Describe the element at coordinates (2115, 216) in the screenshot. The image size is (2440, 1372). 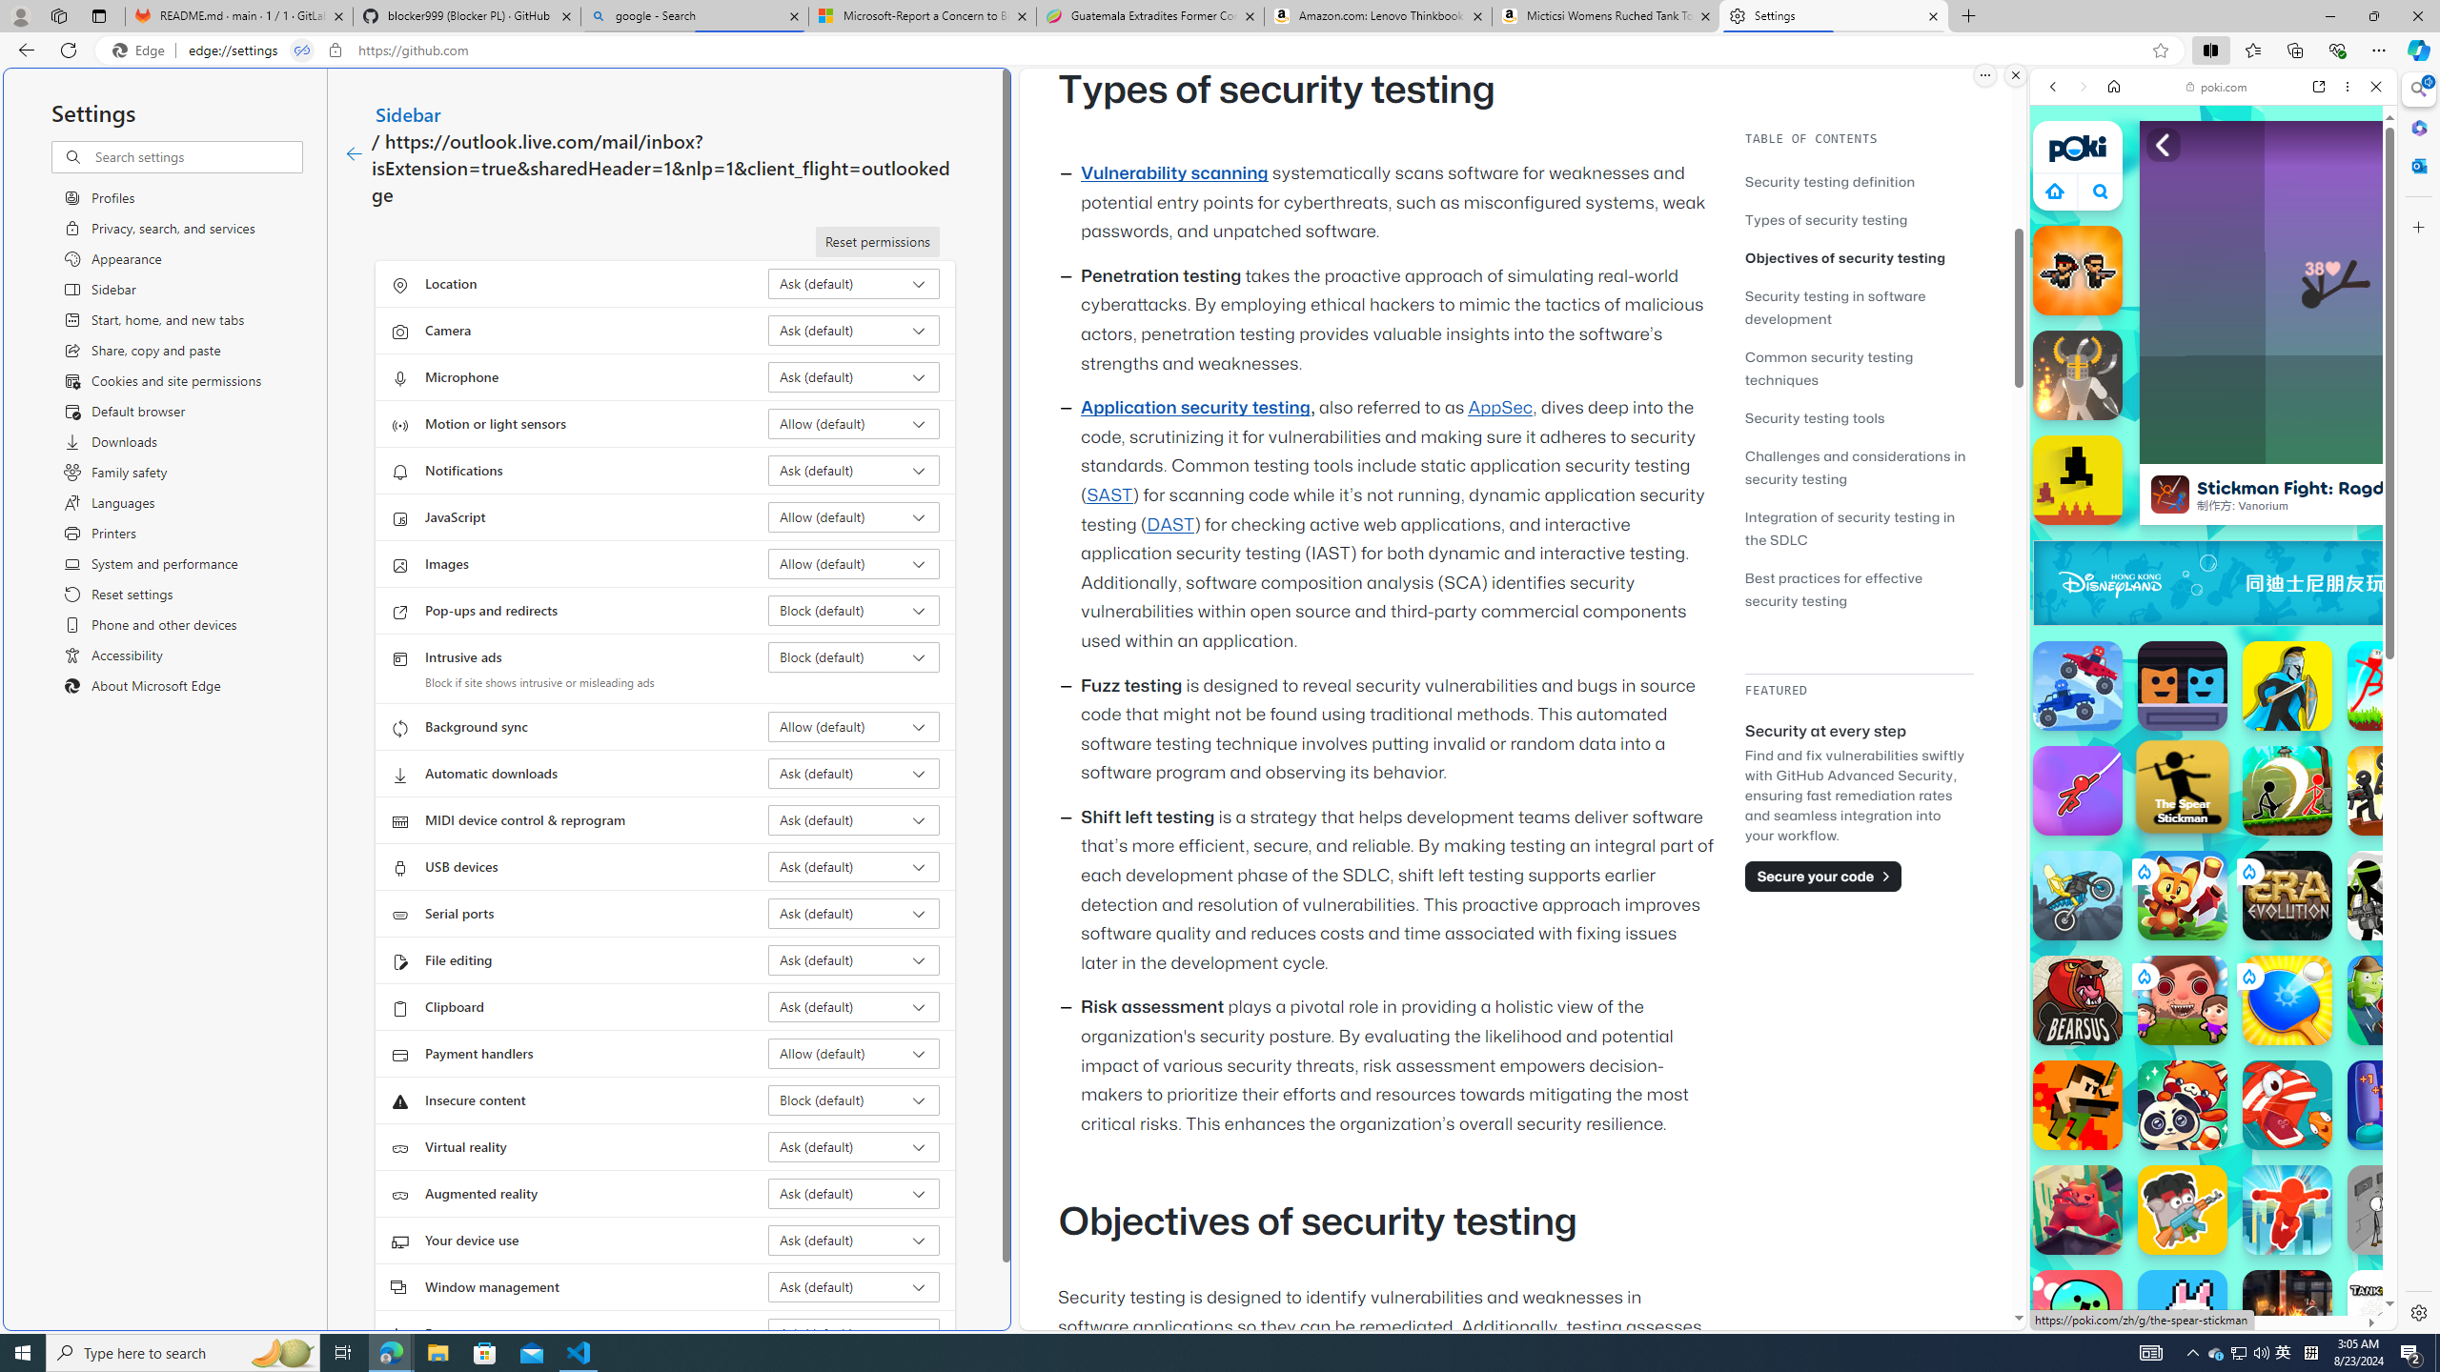
I see `'Search Filter, IMAGES'` at that location.